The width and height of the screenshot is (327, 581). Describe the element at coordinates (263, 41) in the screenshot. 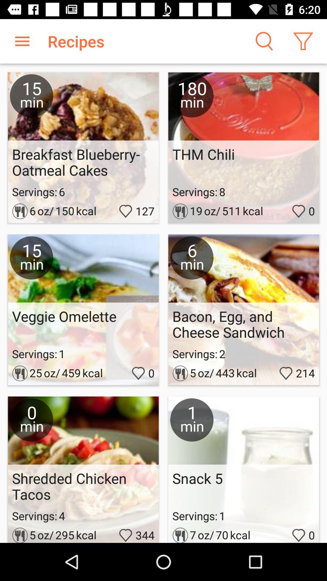

I see `search icon` at that location.